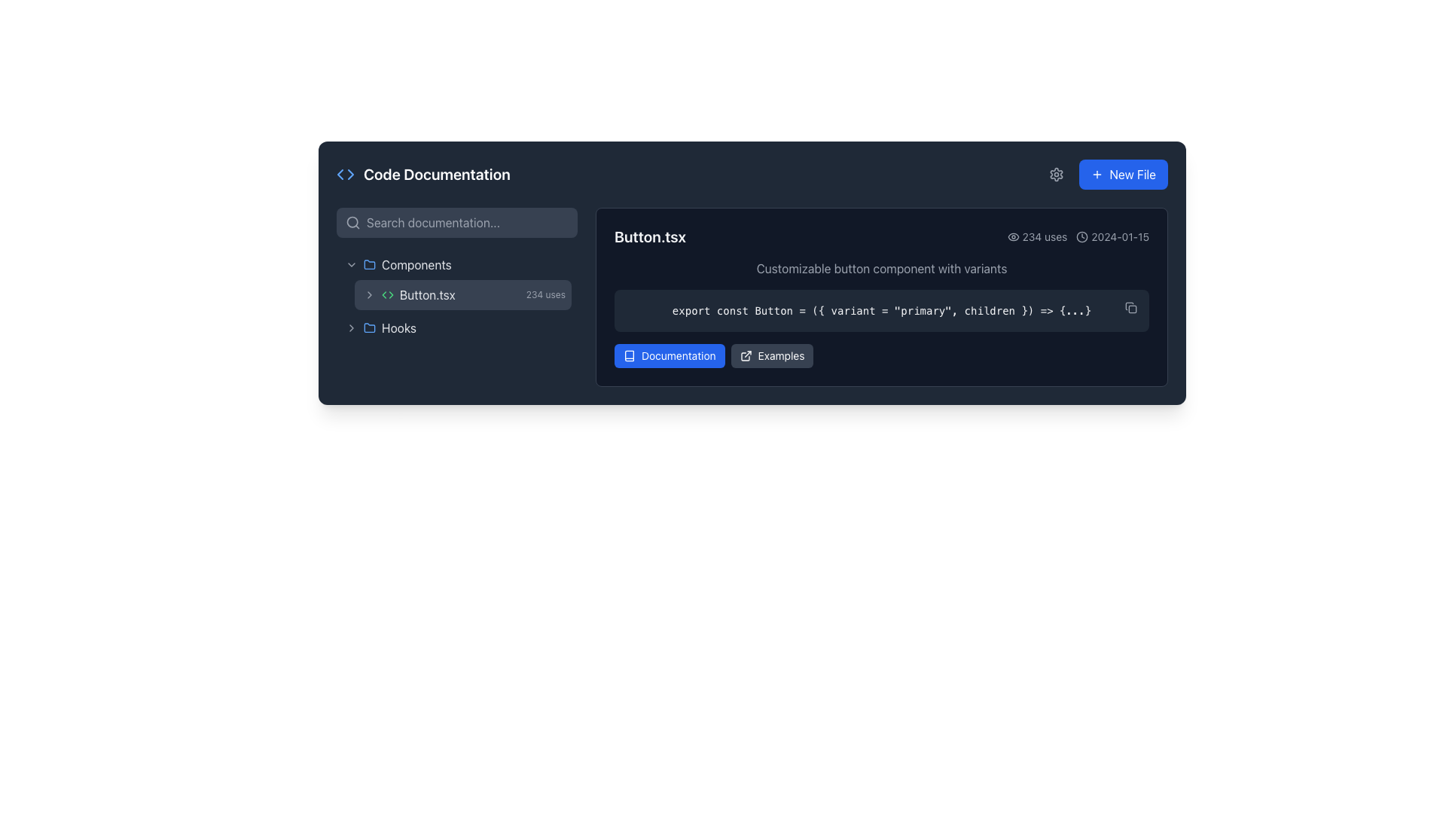  Describe the element at coordinates (350, 263) in the screenshot. I see `the downward chevron icon located to the left of the 'Components' text in the sidebar` at that location.